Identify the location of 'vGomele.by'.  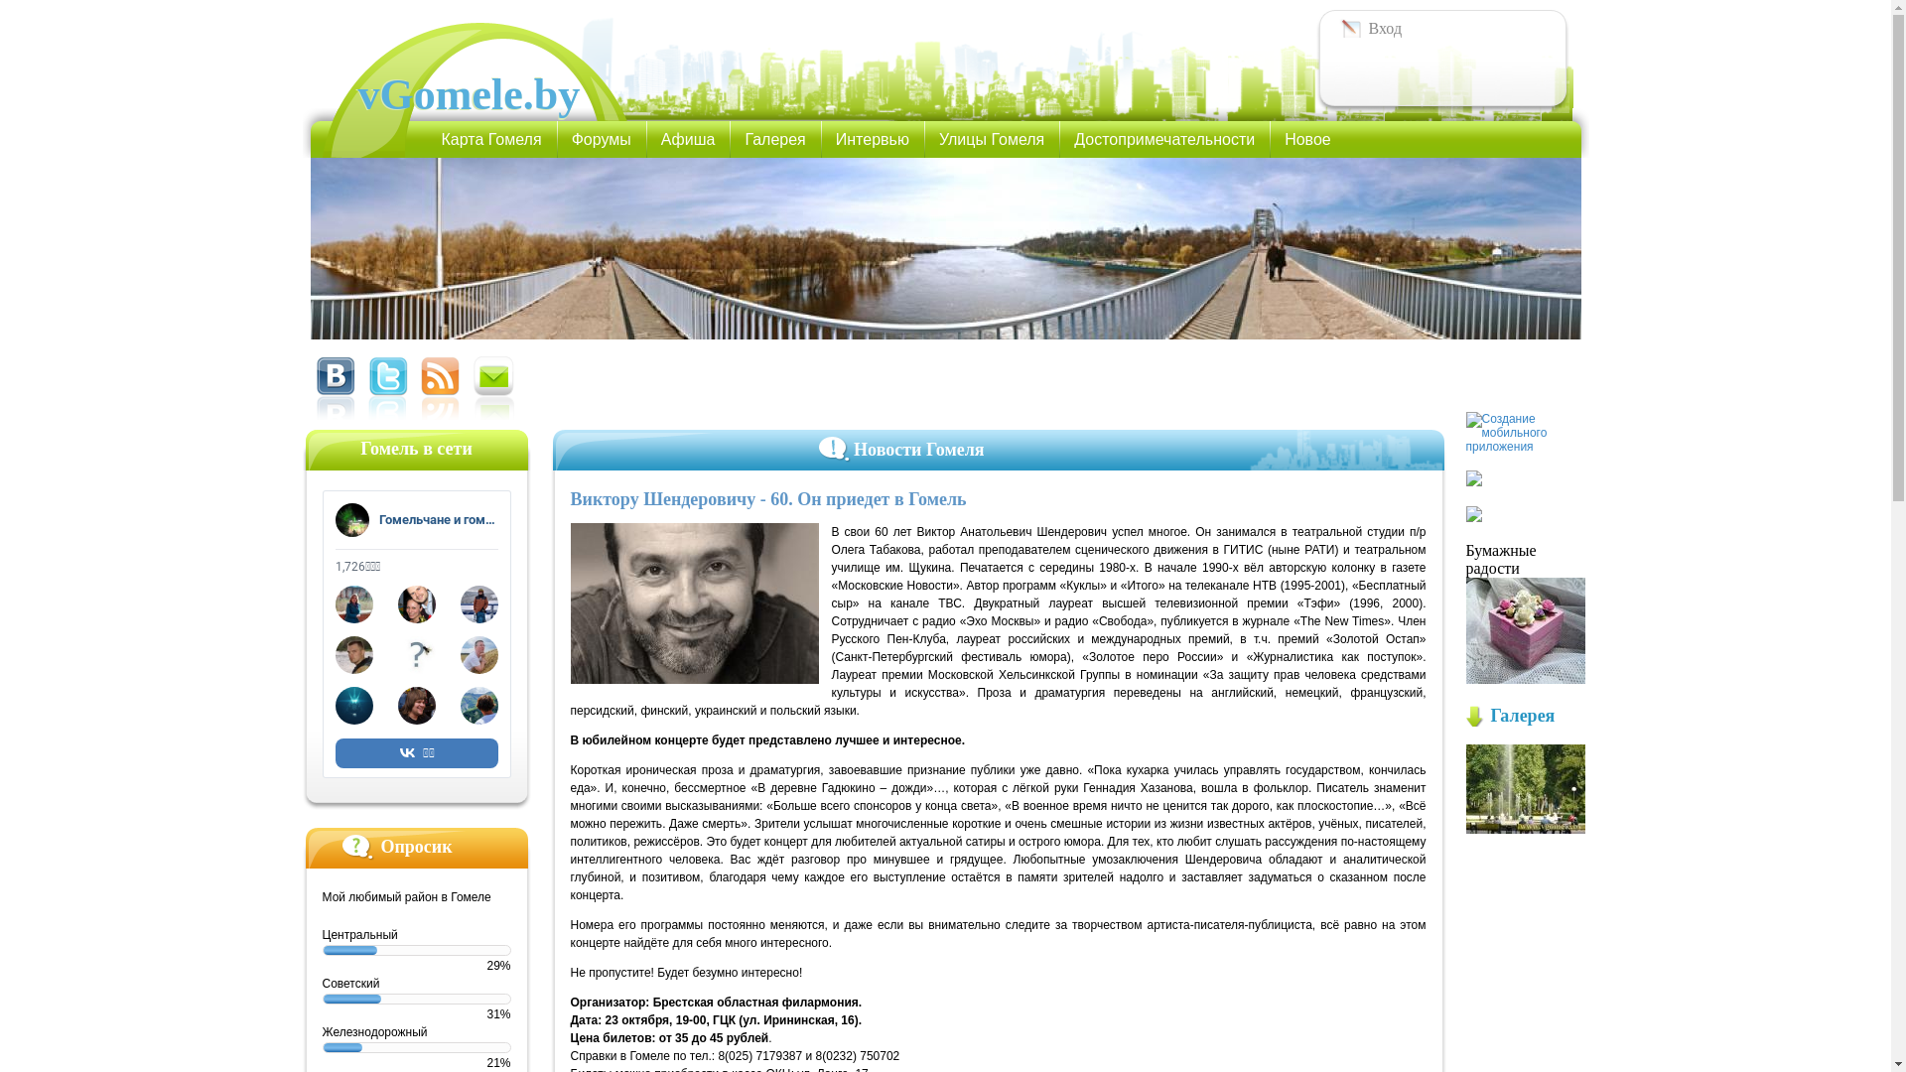
(467, 94).